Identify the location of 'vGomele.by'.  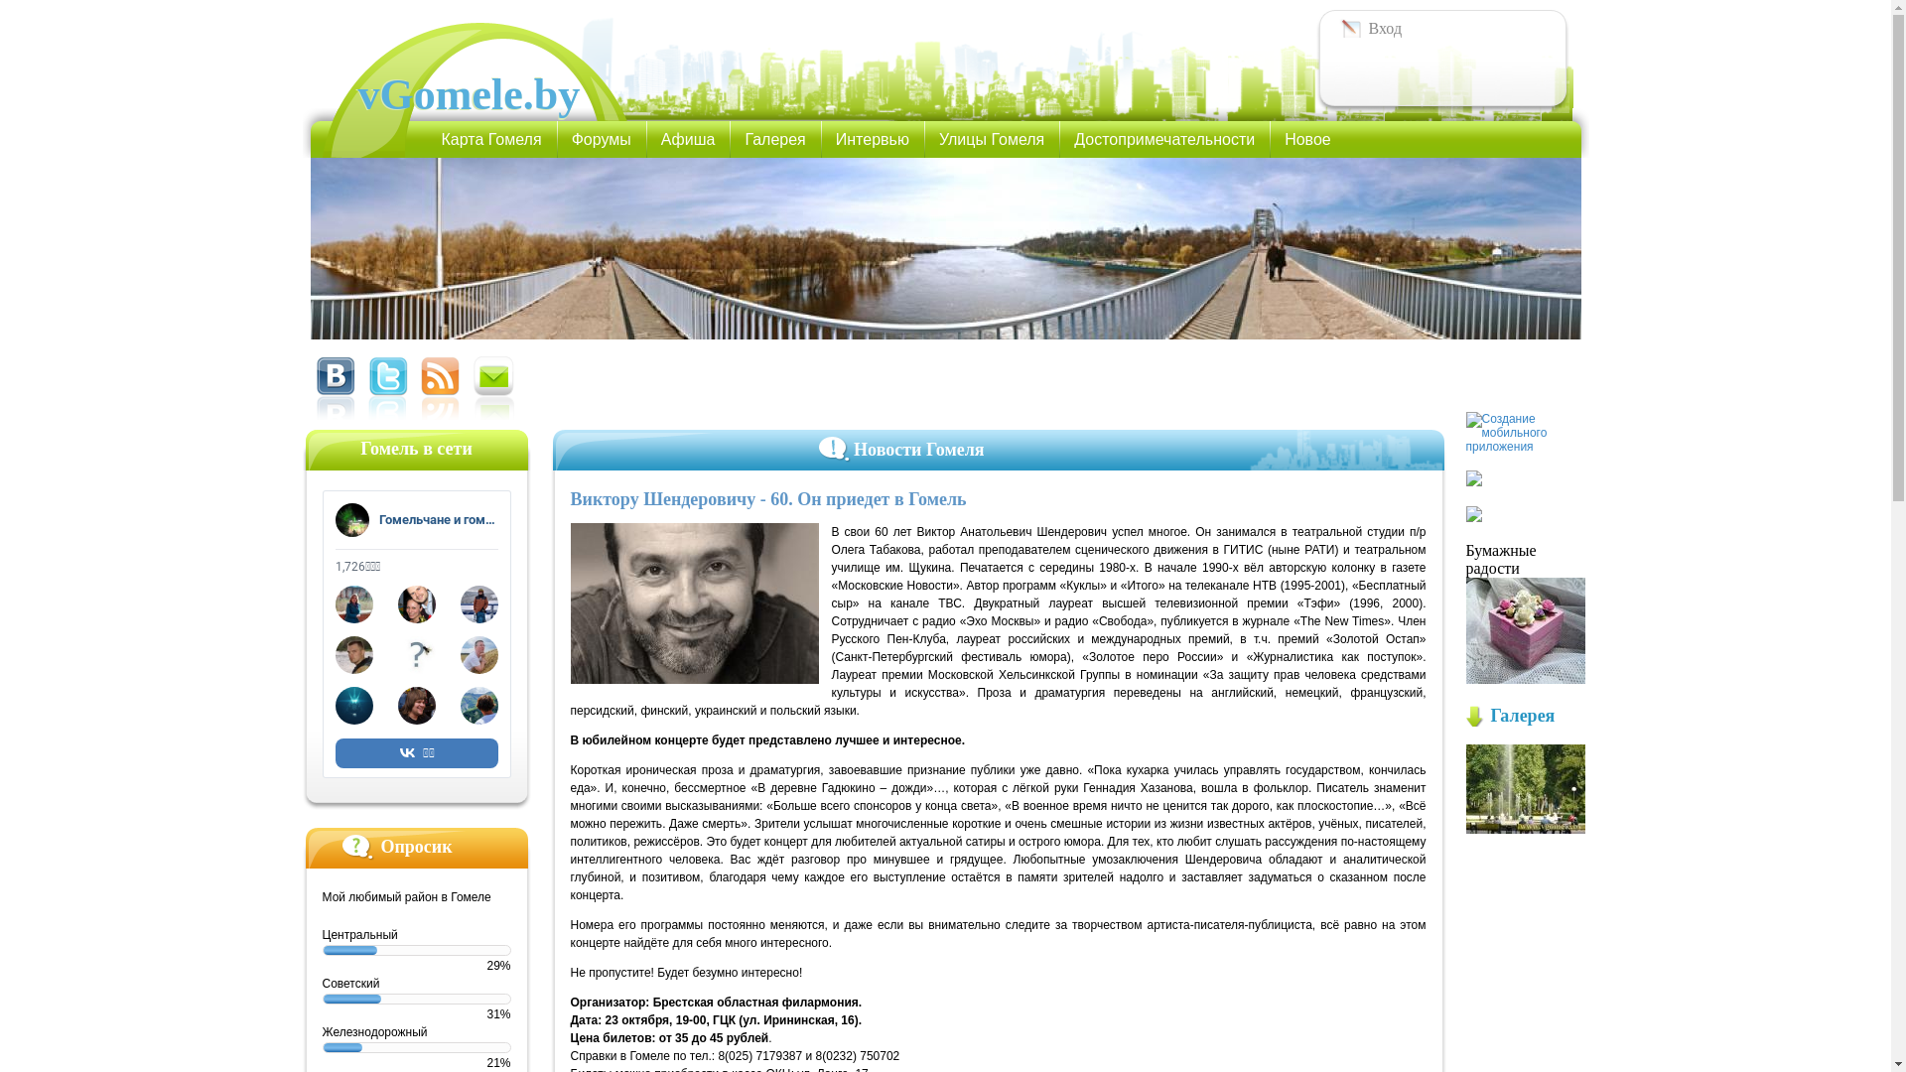
(467, 94).